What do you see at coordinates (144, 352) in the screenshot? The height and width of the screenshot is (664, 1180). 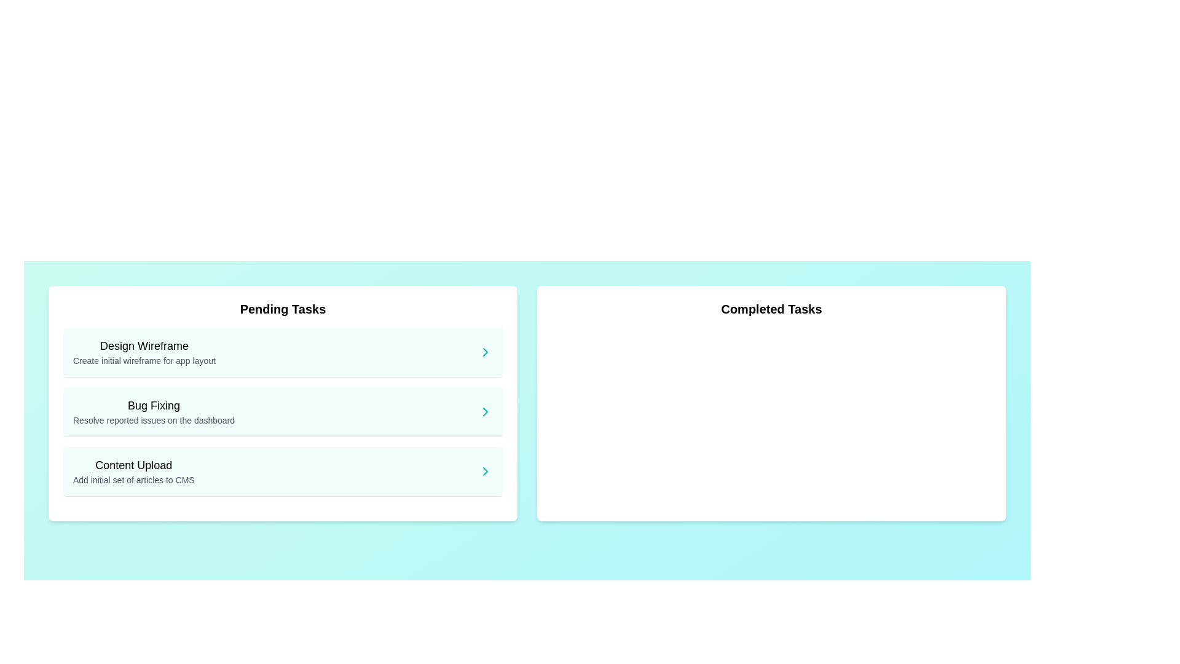 I see `the 'Design Wireframe' Text Display element located in the 'Pending Tasks' section, which contains the title 'Design Wireframe' and subtitle 'Create initial wireframe for app layout'` at bounding box center [144, 352].